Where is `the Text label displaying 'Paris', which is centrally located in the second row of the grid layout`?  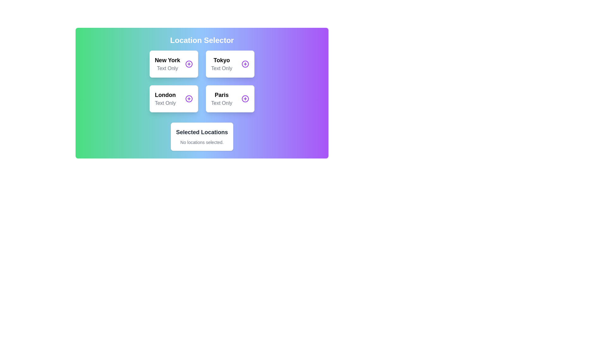 the Text label displaying 'Paris', which is centrally located in the second row of the grid layout is located at coordinates (222, 99).